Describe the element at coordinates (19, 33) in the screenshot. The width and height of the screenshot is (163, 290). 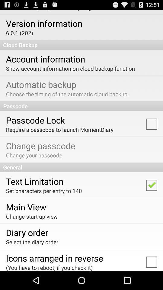
I see `6 0 1` at that location.